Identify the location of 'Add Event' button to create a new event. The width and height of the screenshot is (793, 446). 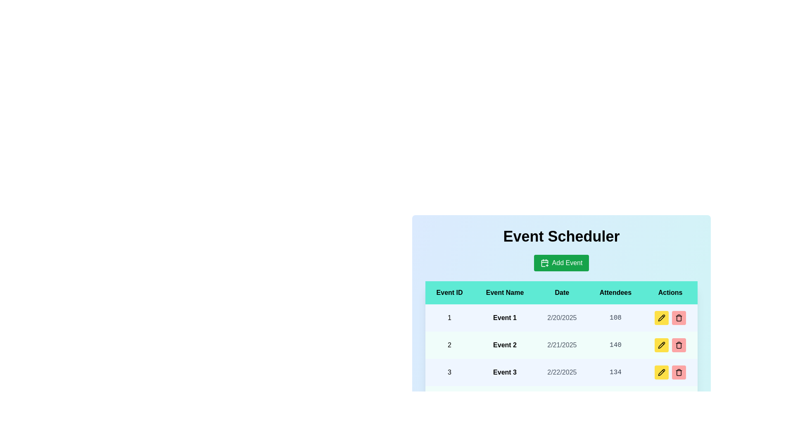
(561, 263).